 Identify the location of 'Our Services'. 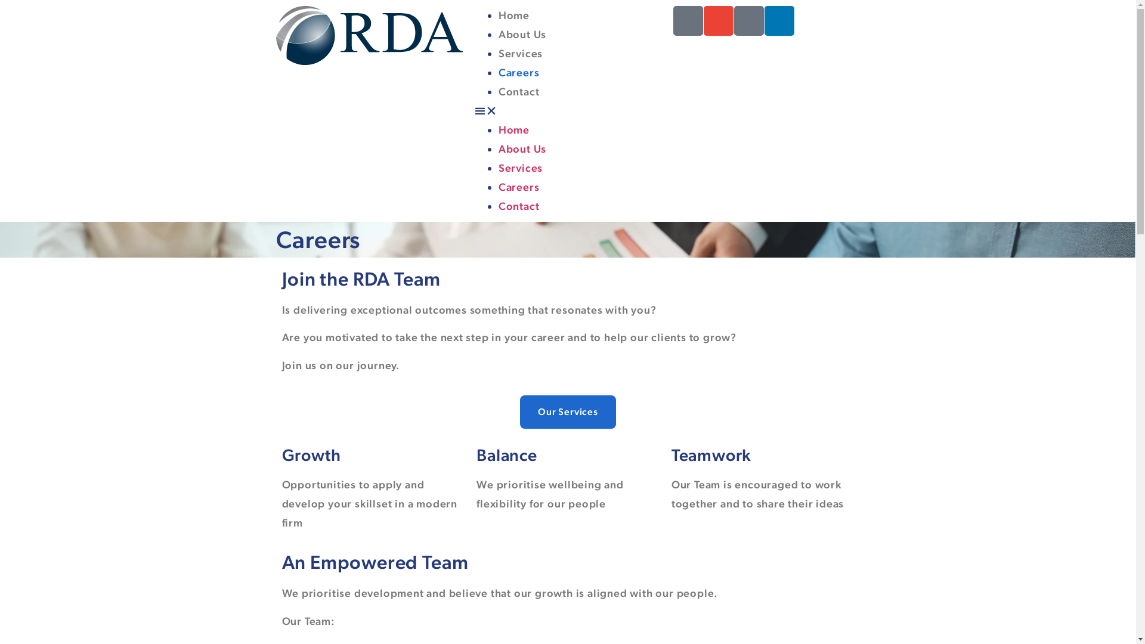
(567, 411).